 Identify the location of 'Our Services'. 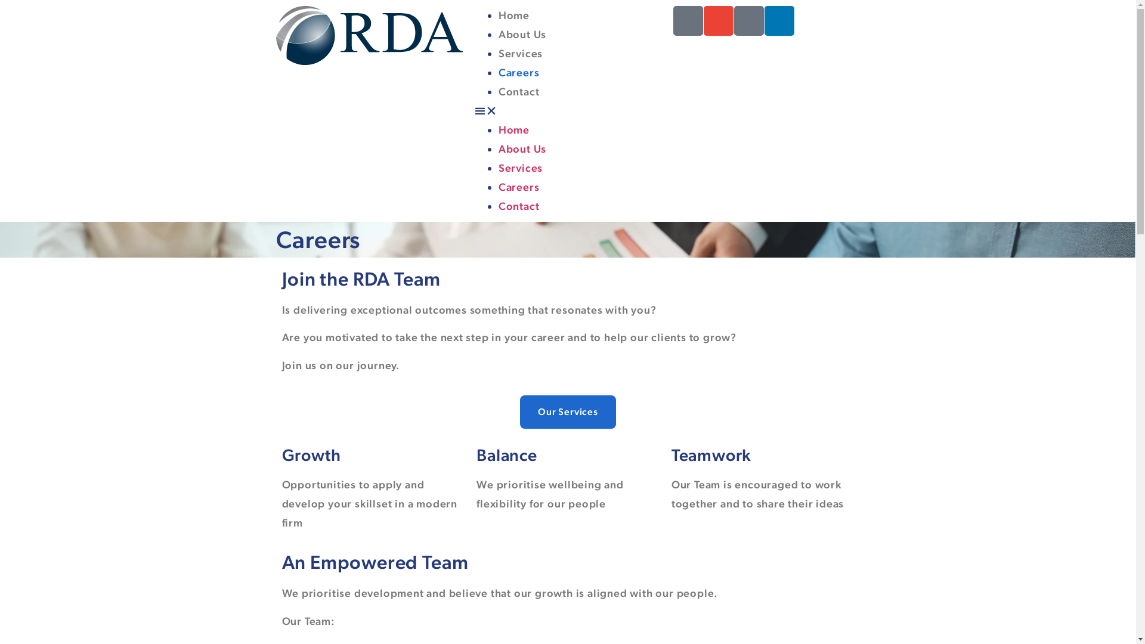
(567, 411).